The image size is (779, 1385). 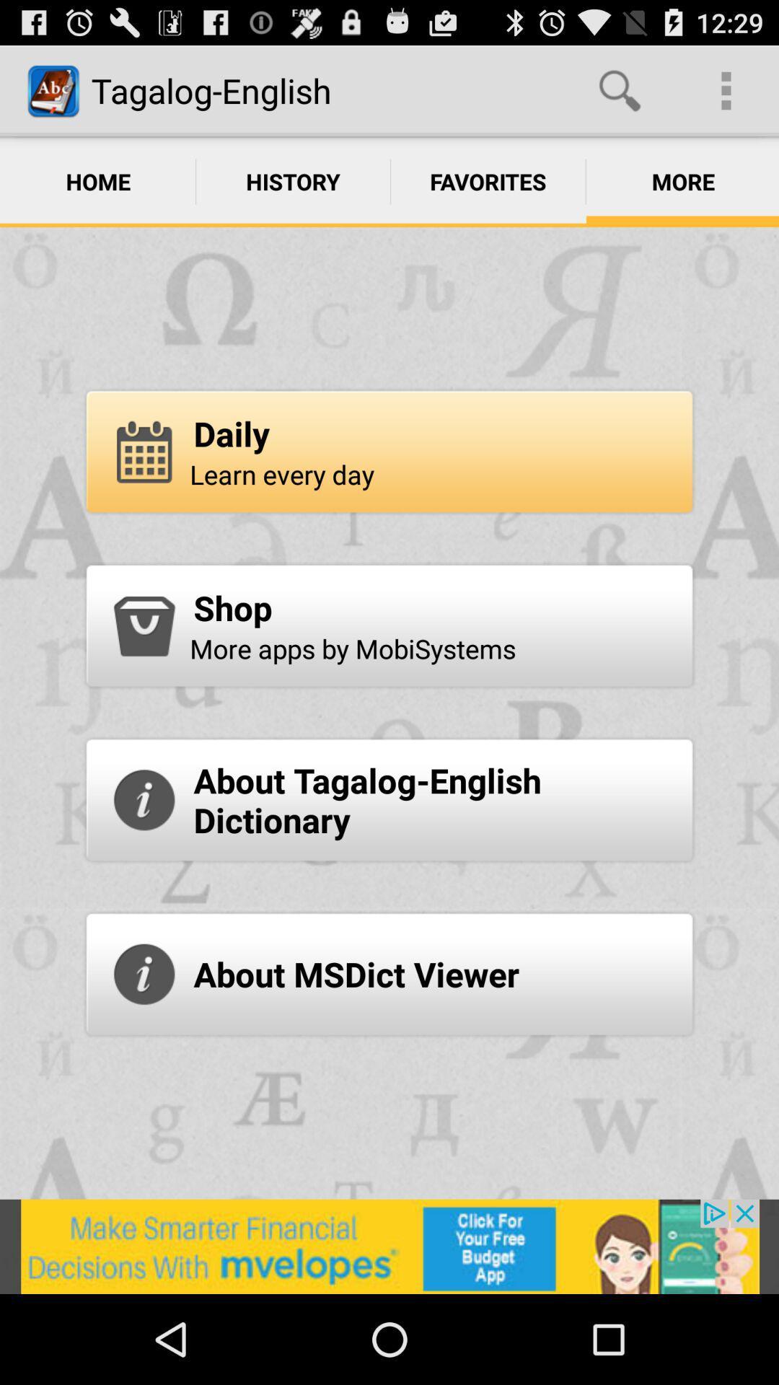 I want to click on advertising, so click(x=389, y=1246).